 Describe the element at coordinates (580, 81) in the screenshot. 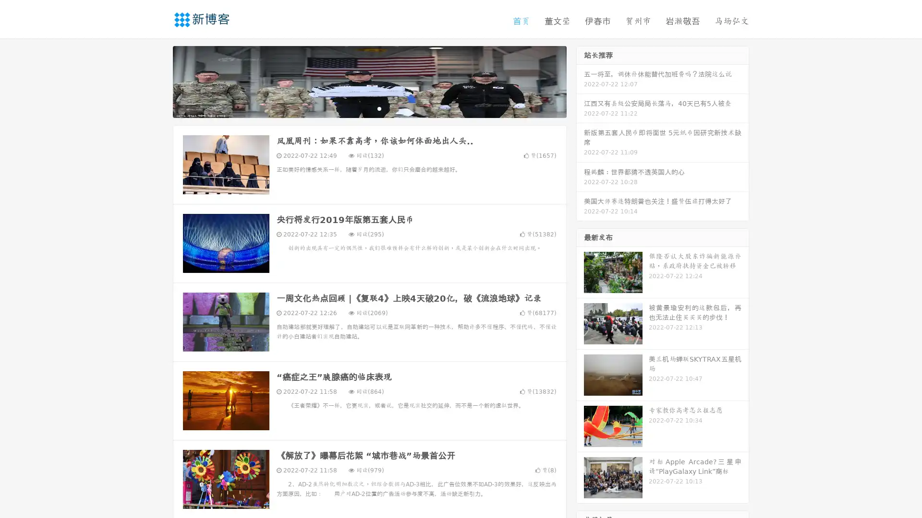

I see `Next slide` at that location.